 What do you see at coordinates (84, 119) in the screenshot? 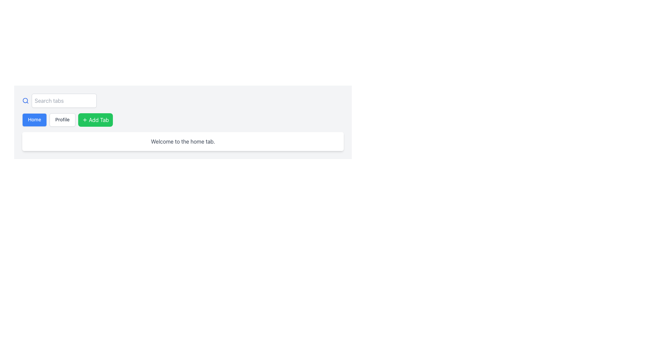
I see `the icon located inside the green 'Add Tab' button in the upper center area of the interface` at bounding box center [84, 119].